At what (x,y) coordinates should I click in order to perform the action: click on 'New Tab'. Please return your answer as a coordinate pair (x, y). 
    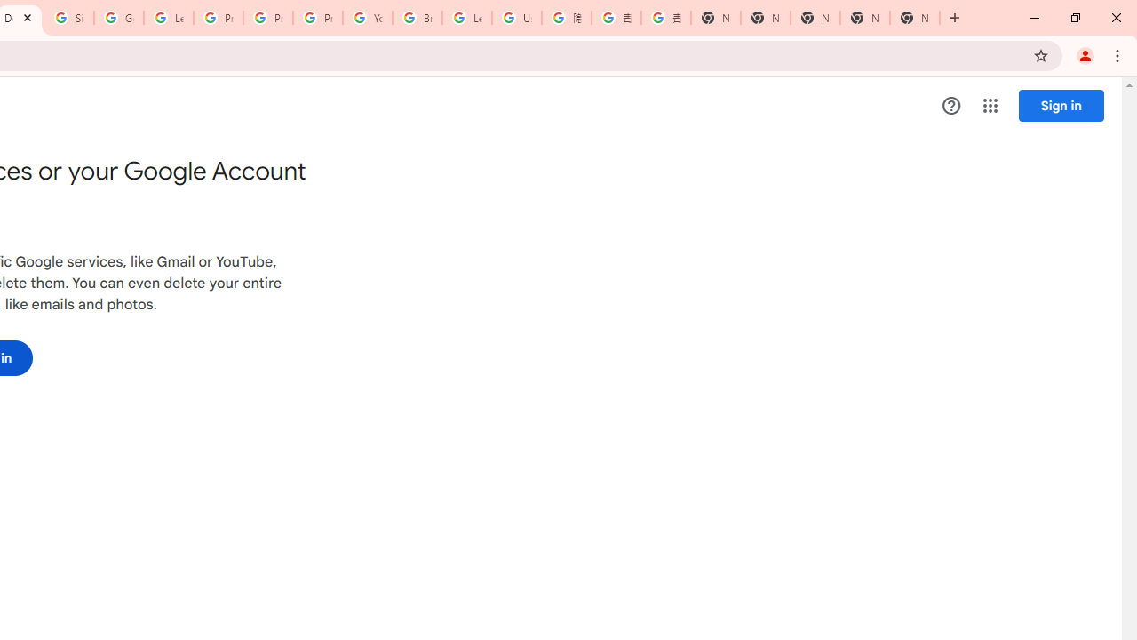
    Looking at the image, I should click on (915, 18).